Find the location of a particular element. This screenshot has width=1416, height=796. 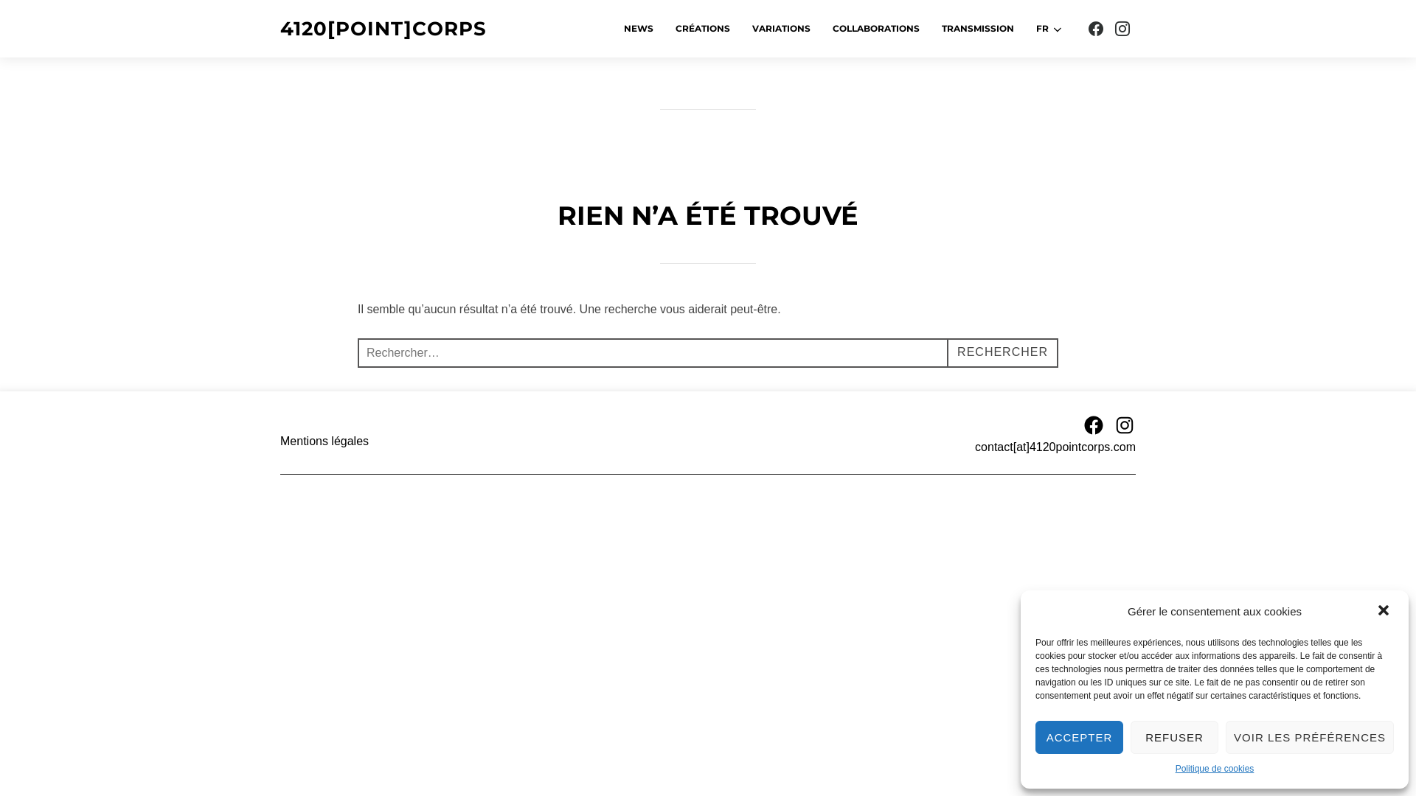

'TRANSMISSION' is located at coordinates (977, 29).